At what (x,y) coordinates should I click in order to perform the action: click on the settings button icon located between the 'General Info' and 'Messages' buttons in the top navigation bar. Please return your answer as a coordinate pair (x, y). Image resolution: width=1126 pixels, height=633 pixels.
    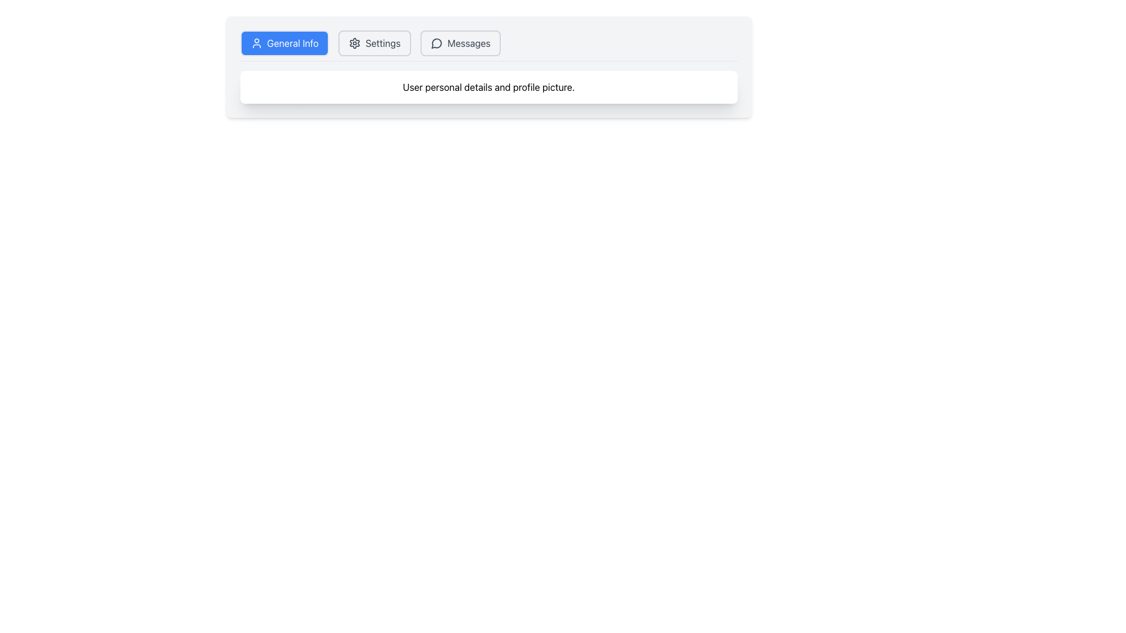
    Looking at the image, I should click on (354, 42).